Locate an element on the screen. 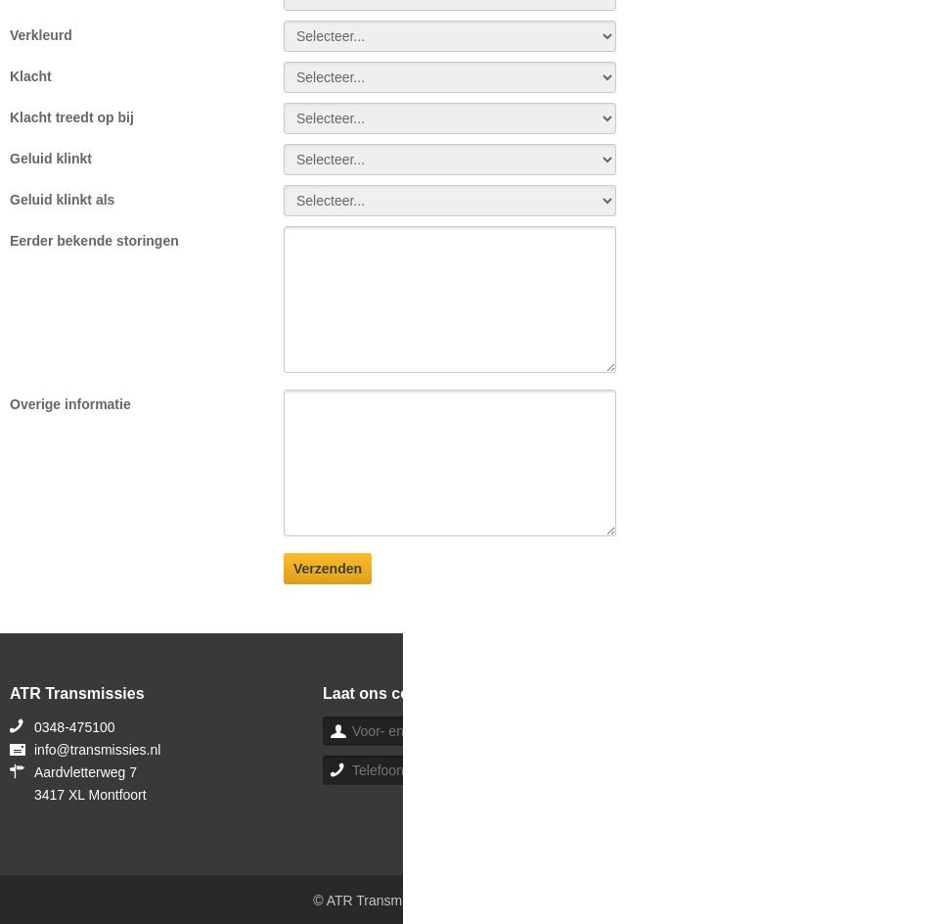 This screenshot has height=924, width=939. 'Verkleurd' is located at coordinates (39, 34).